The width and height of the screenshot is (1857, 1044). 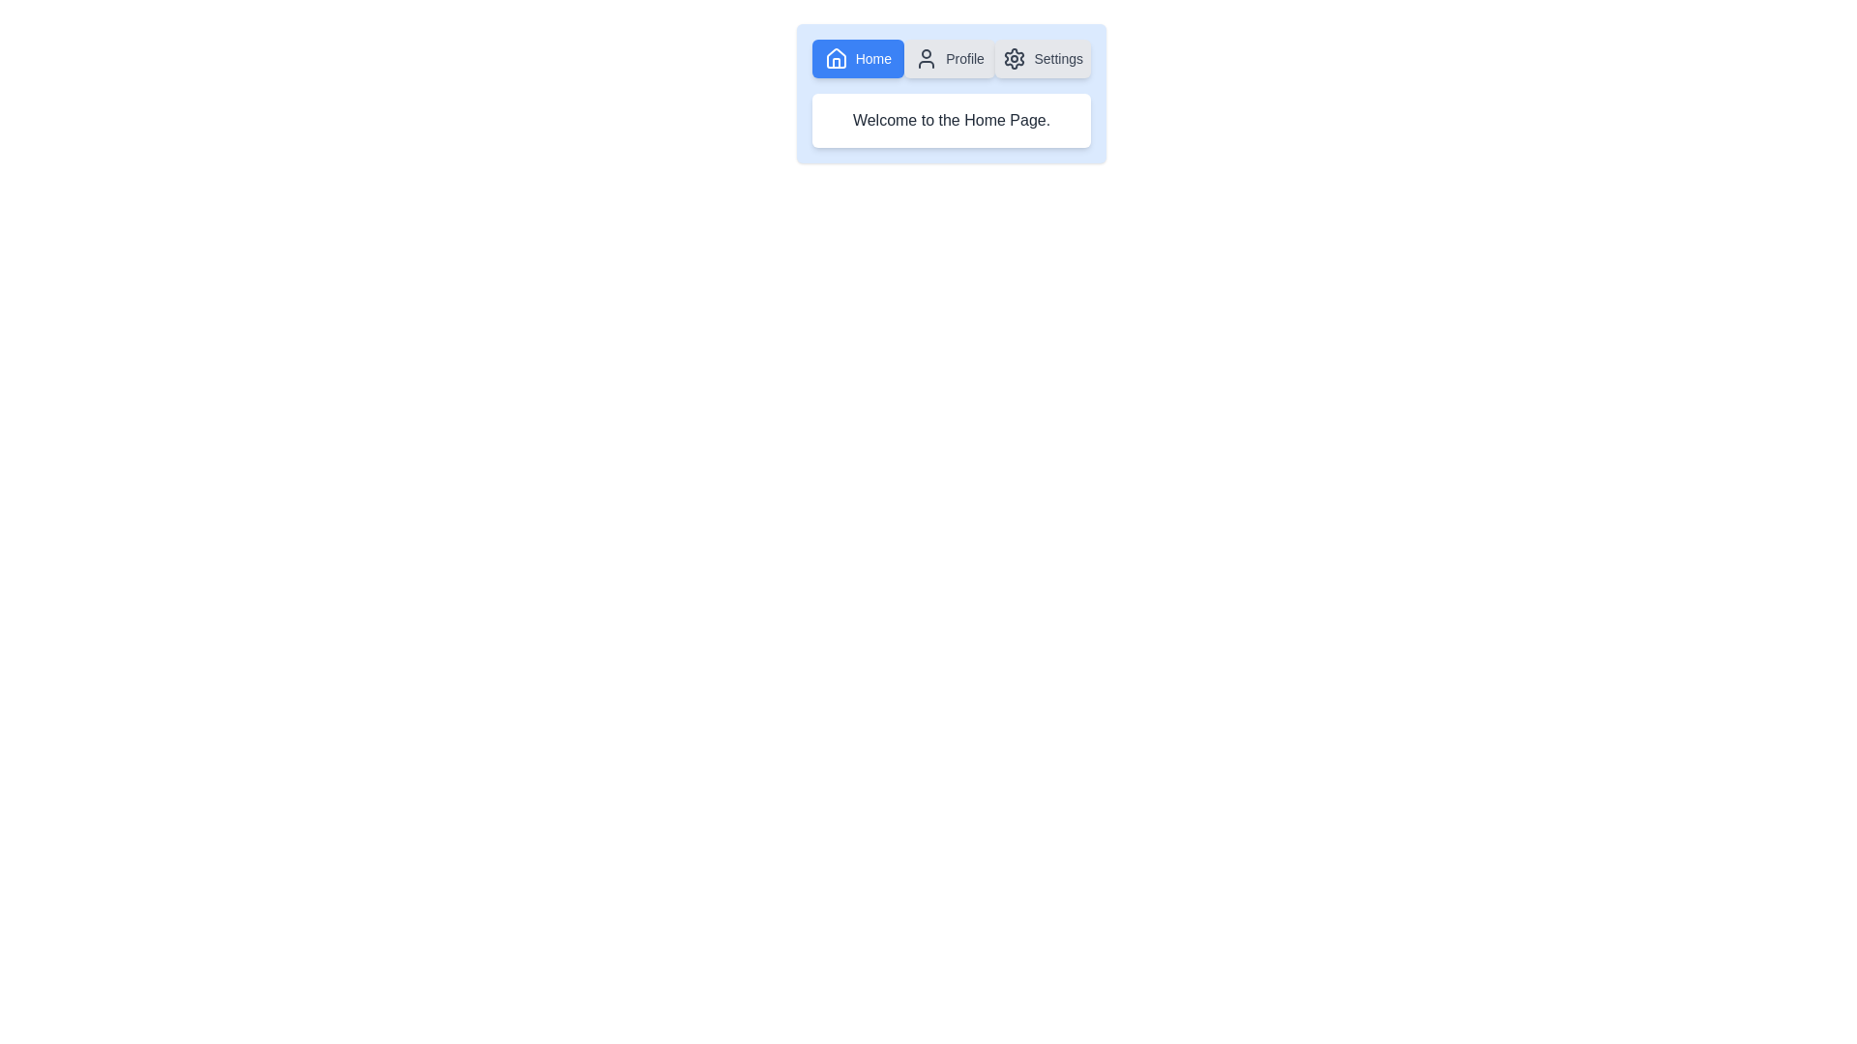 What do you see at coordinates (836, 58) in the screenshot?
I see `the homepage icon` at bounding box center [836, 58].